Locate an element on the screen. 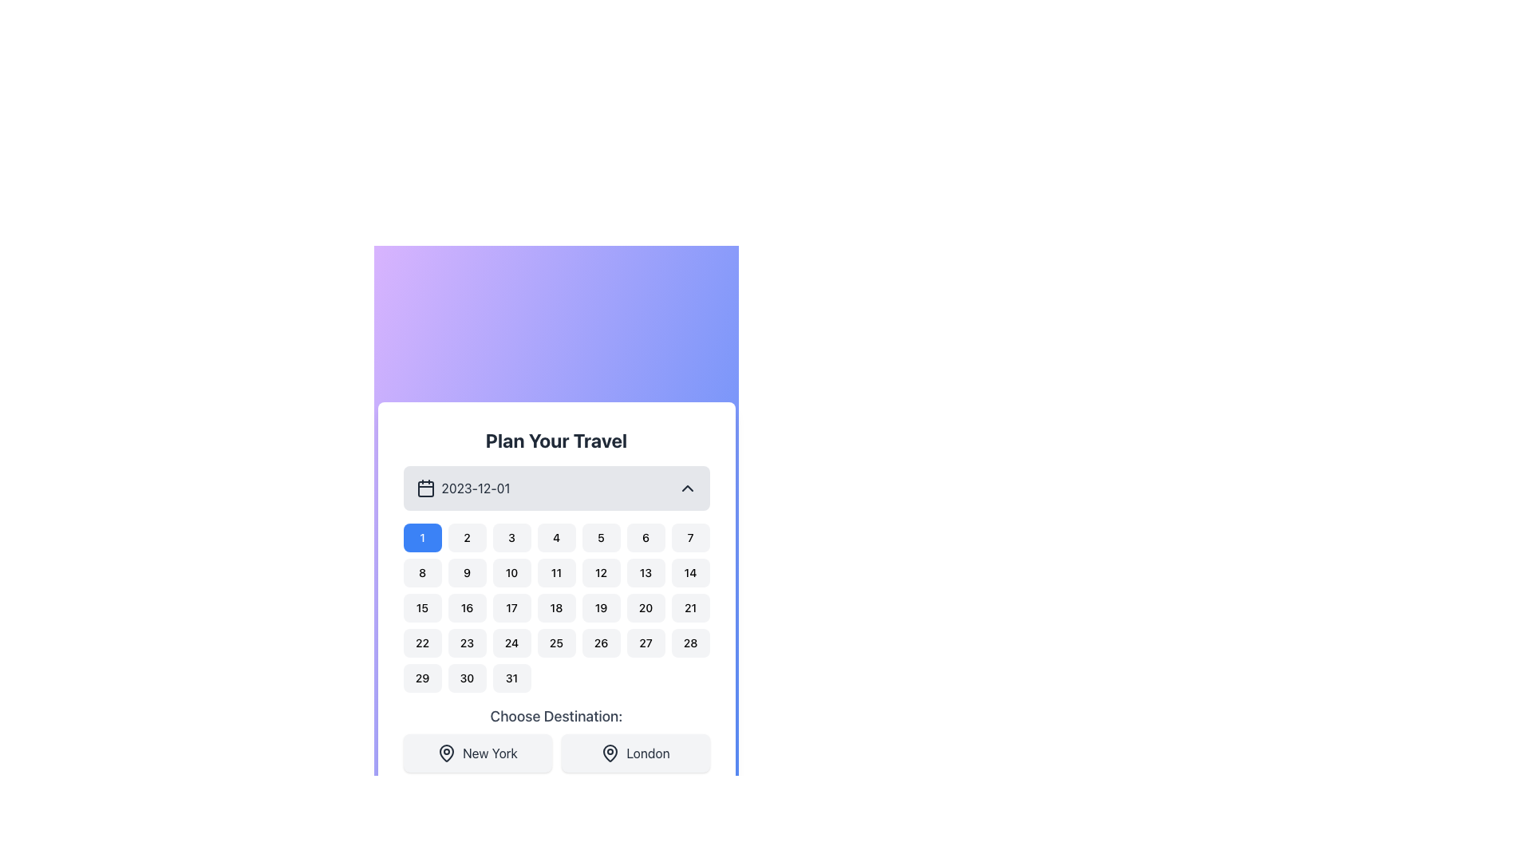  the descriptive header text at the top of the travel planning interface card is located at coordinates (556, 440).